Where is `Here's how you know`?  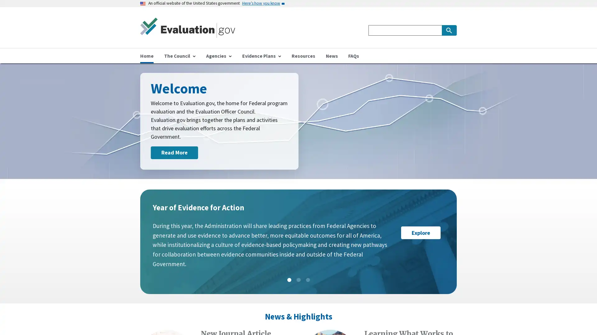
Here's how you know is located at coordinates (263, 3).